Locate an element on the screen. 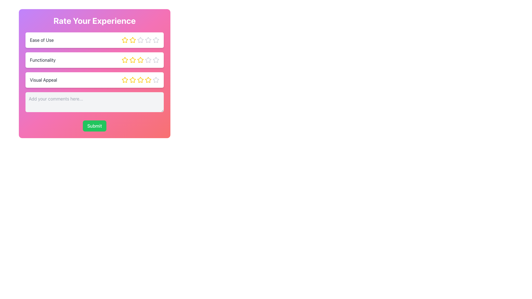 This screenshot has width=532, height=299. the fifth star icon under the 'Functionality' row is located at coordinates (155, 60).